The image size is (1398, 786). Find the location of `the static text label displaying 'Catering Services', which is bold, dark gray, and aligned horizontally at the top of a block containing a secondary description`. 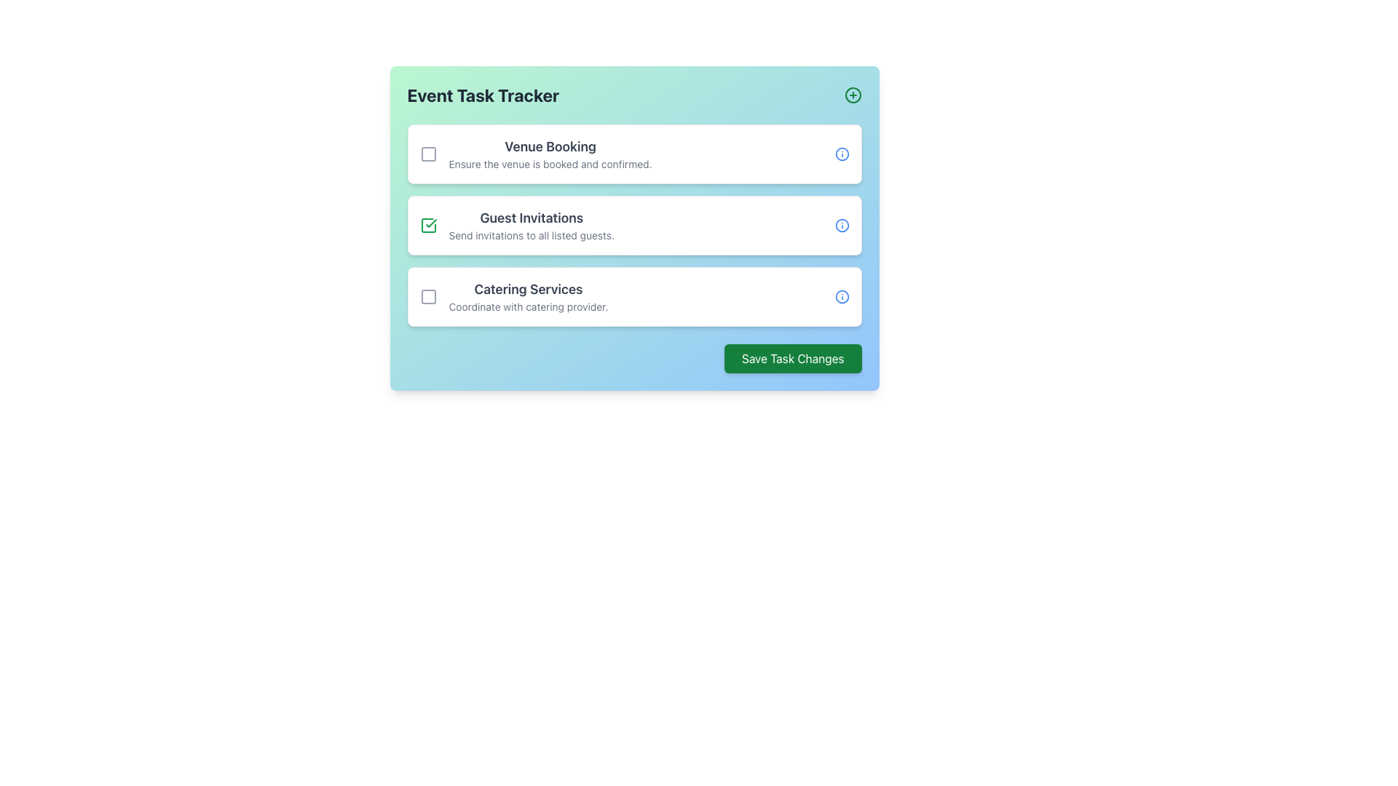

the static text label displaying 'Catering Services', which is bold, dark gray, and aligned horizontally at the top of a block containing a secondary description is located at coordinates (527, 289).